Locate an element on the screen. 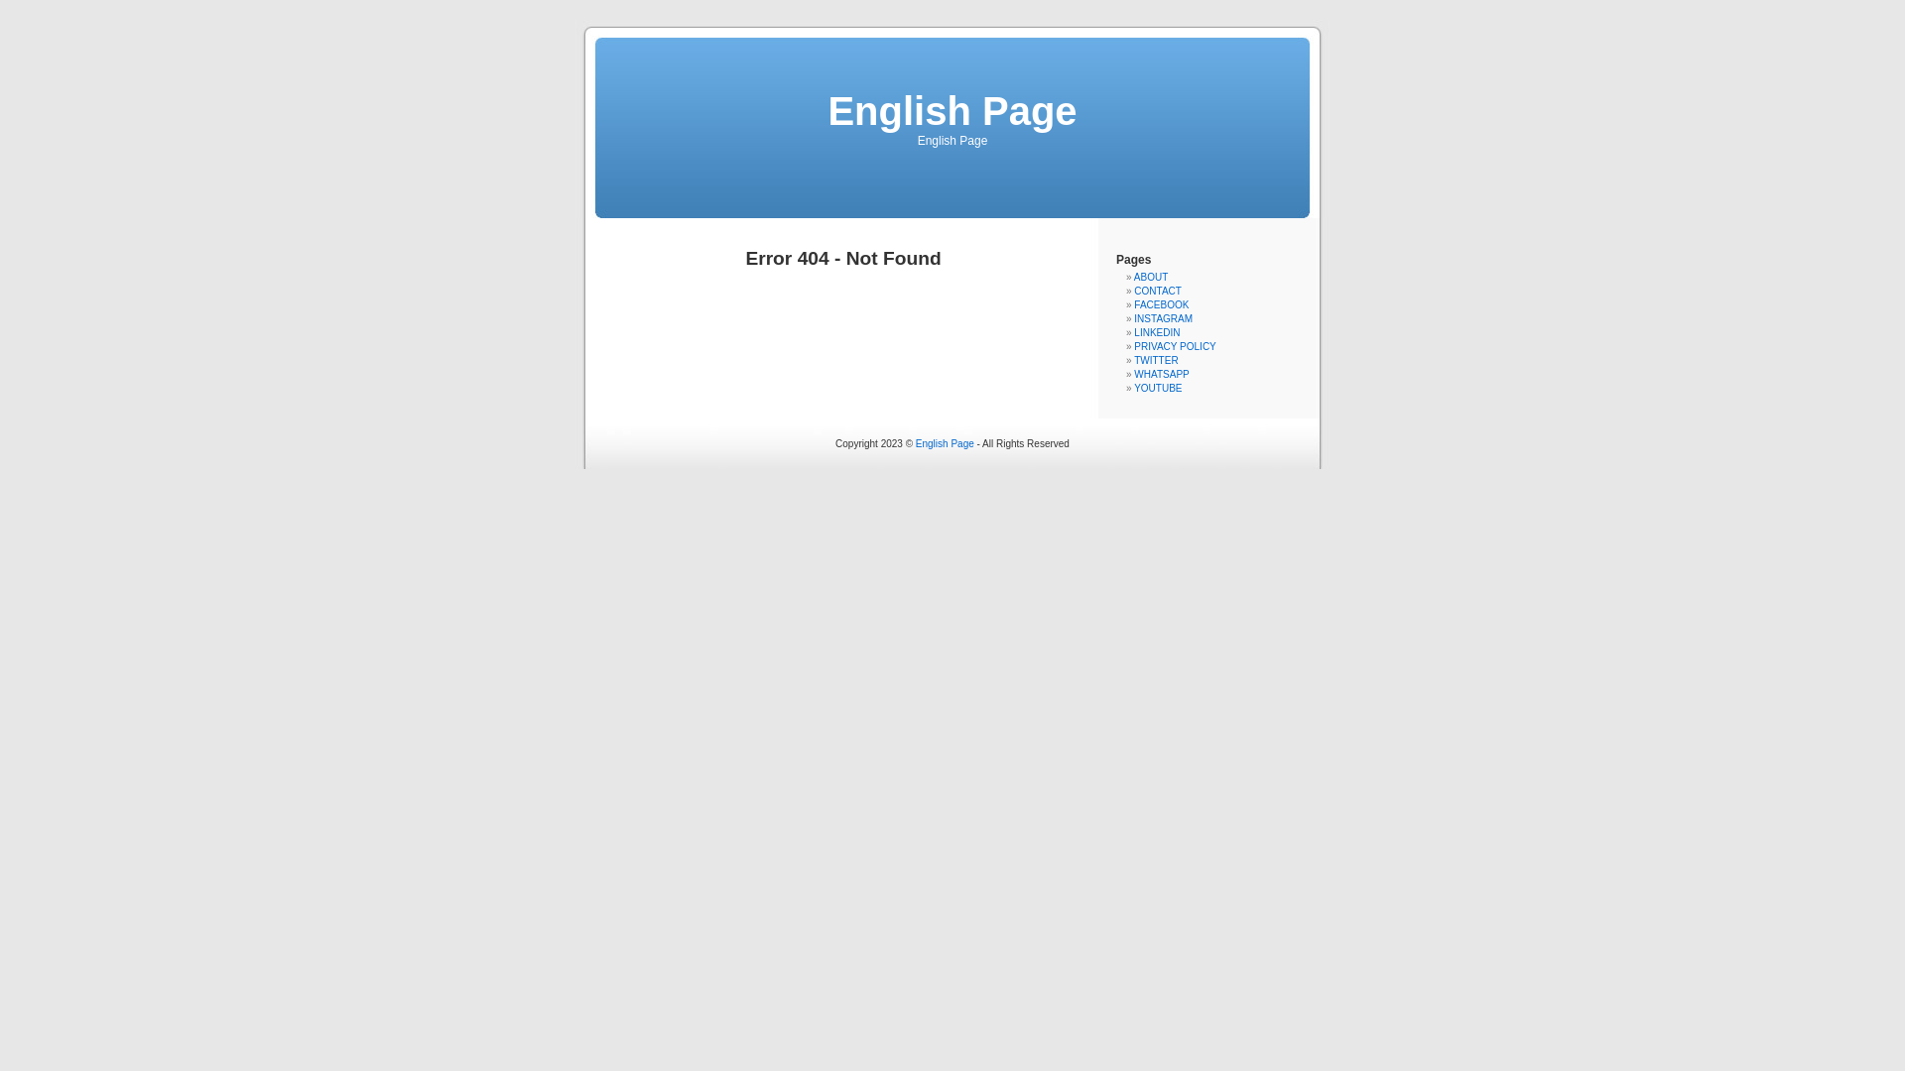 Image resolution: width=1905 pixels, height=1071 pixels. 'English Page' is located at coordinates (951, 110).